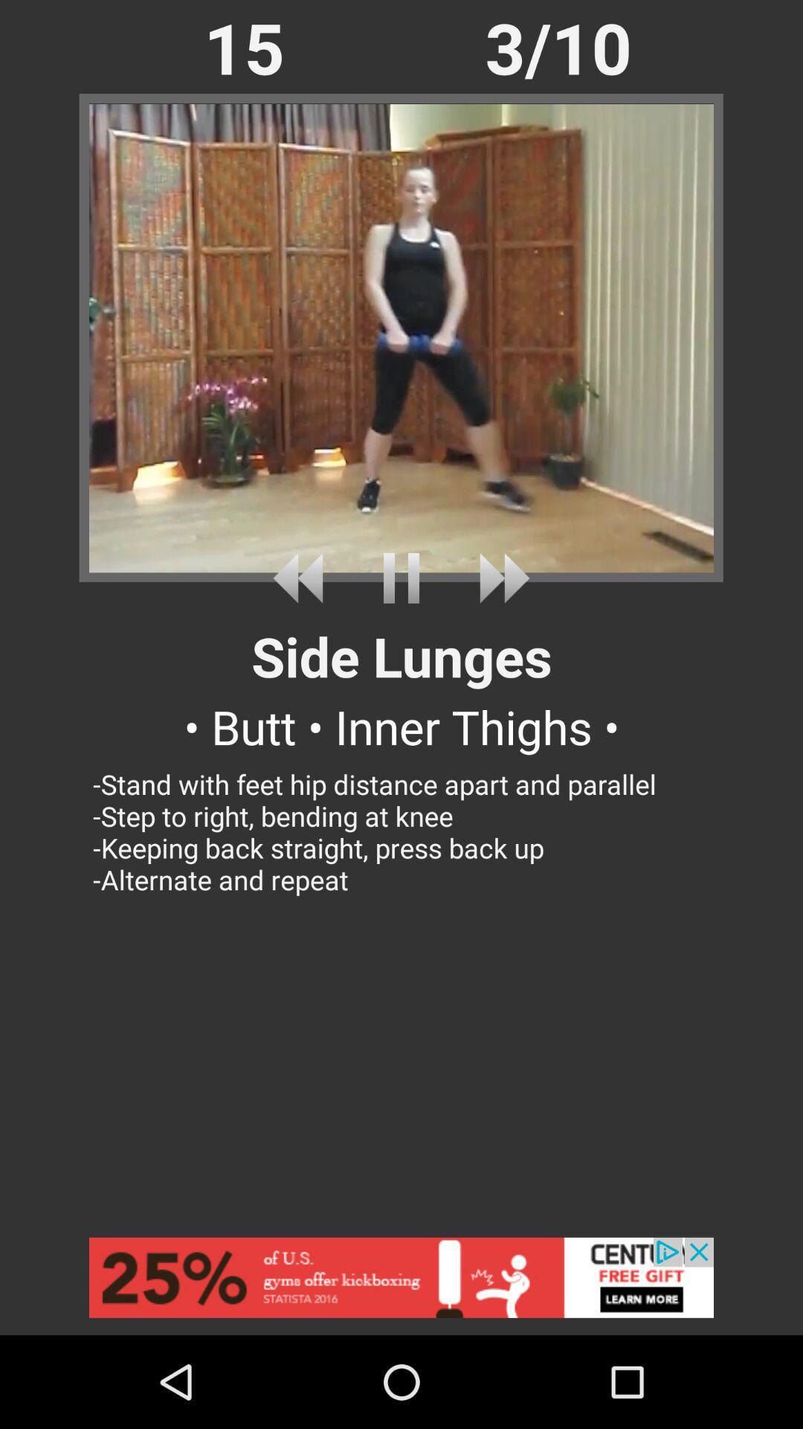  Describe the element at coordinates (401, 578) in the screenshot. I see `pause` at that location.